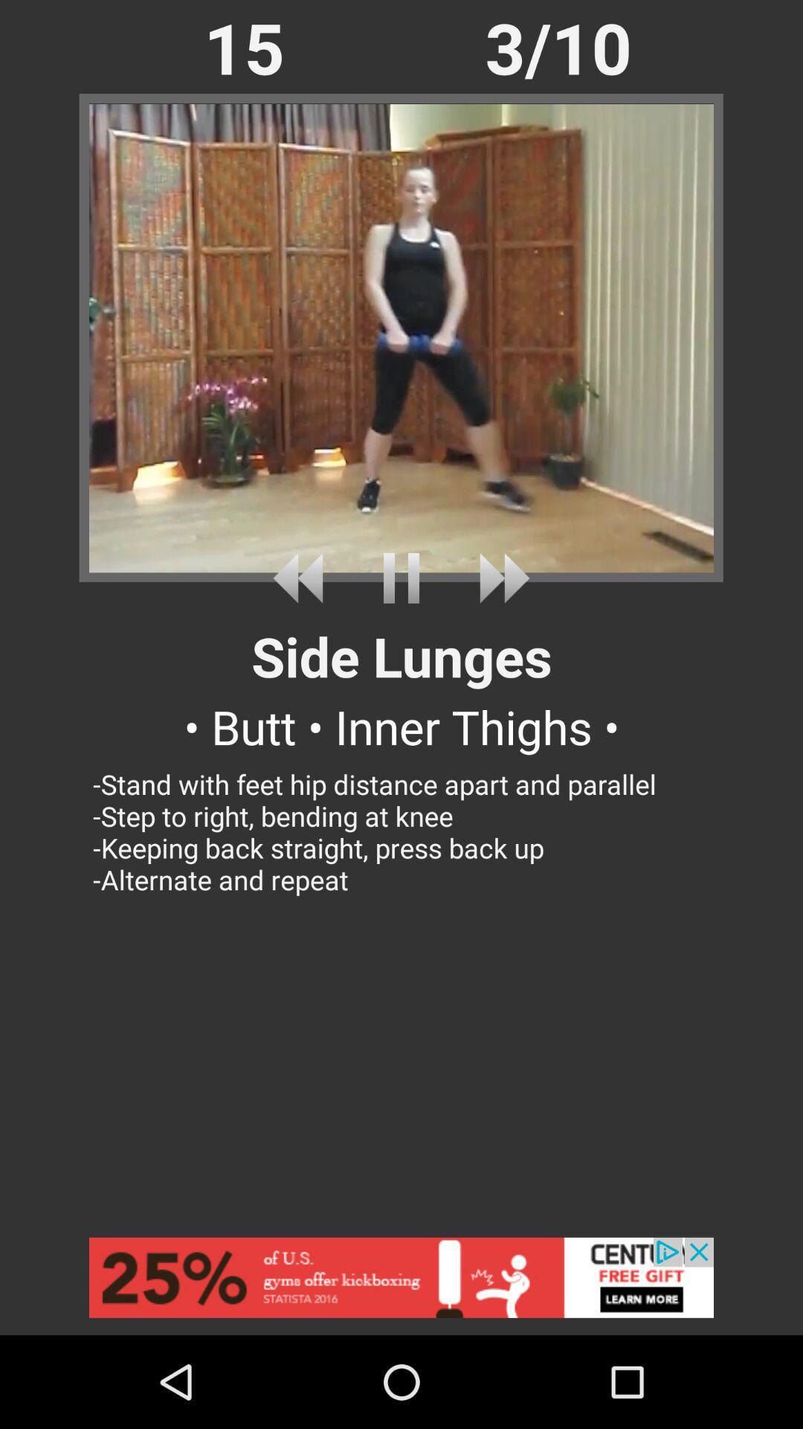  Describe the element at coordinates (401, 578) in the screenshot. I see `pause` at that location.